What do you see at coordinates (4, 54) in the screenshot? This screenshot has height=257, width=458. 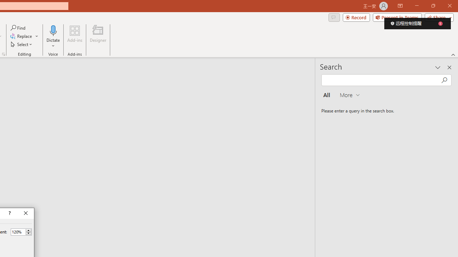 I see `'Format Object...'` at bounding box center [4, 54].